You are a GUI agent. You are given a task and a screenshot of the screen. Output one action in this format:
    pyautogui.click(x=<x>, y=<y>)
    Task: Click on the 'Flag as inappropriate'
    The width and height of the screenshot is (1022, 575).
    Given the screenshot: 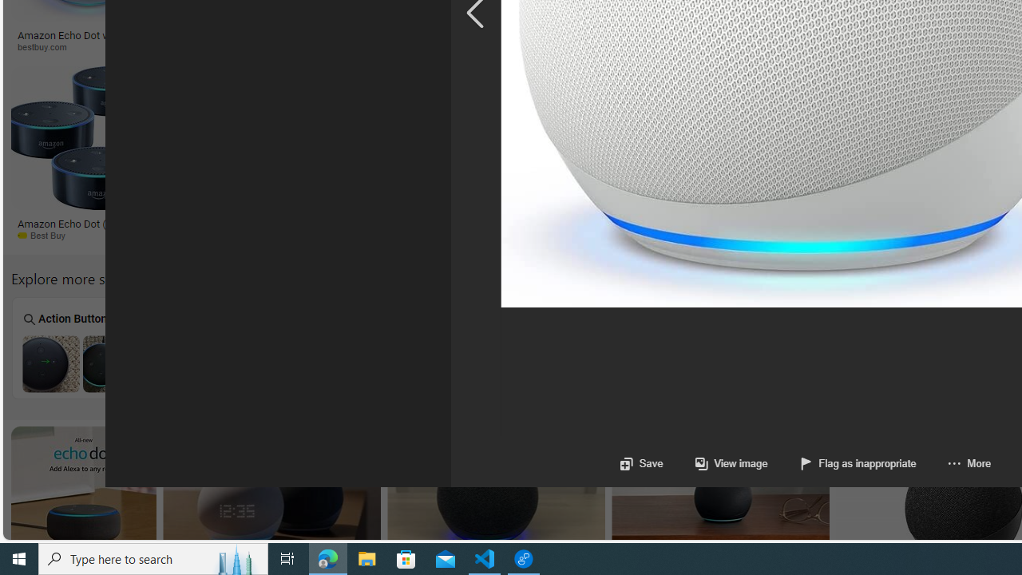 What is the action you would take?
    pyautogui.click(x=857, y=463)
    